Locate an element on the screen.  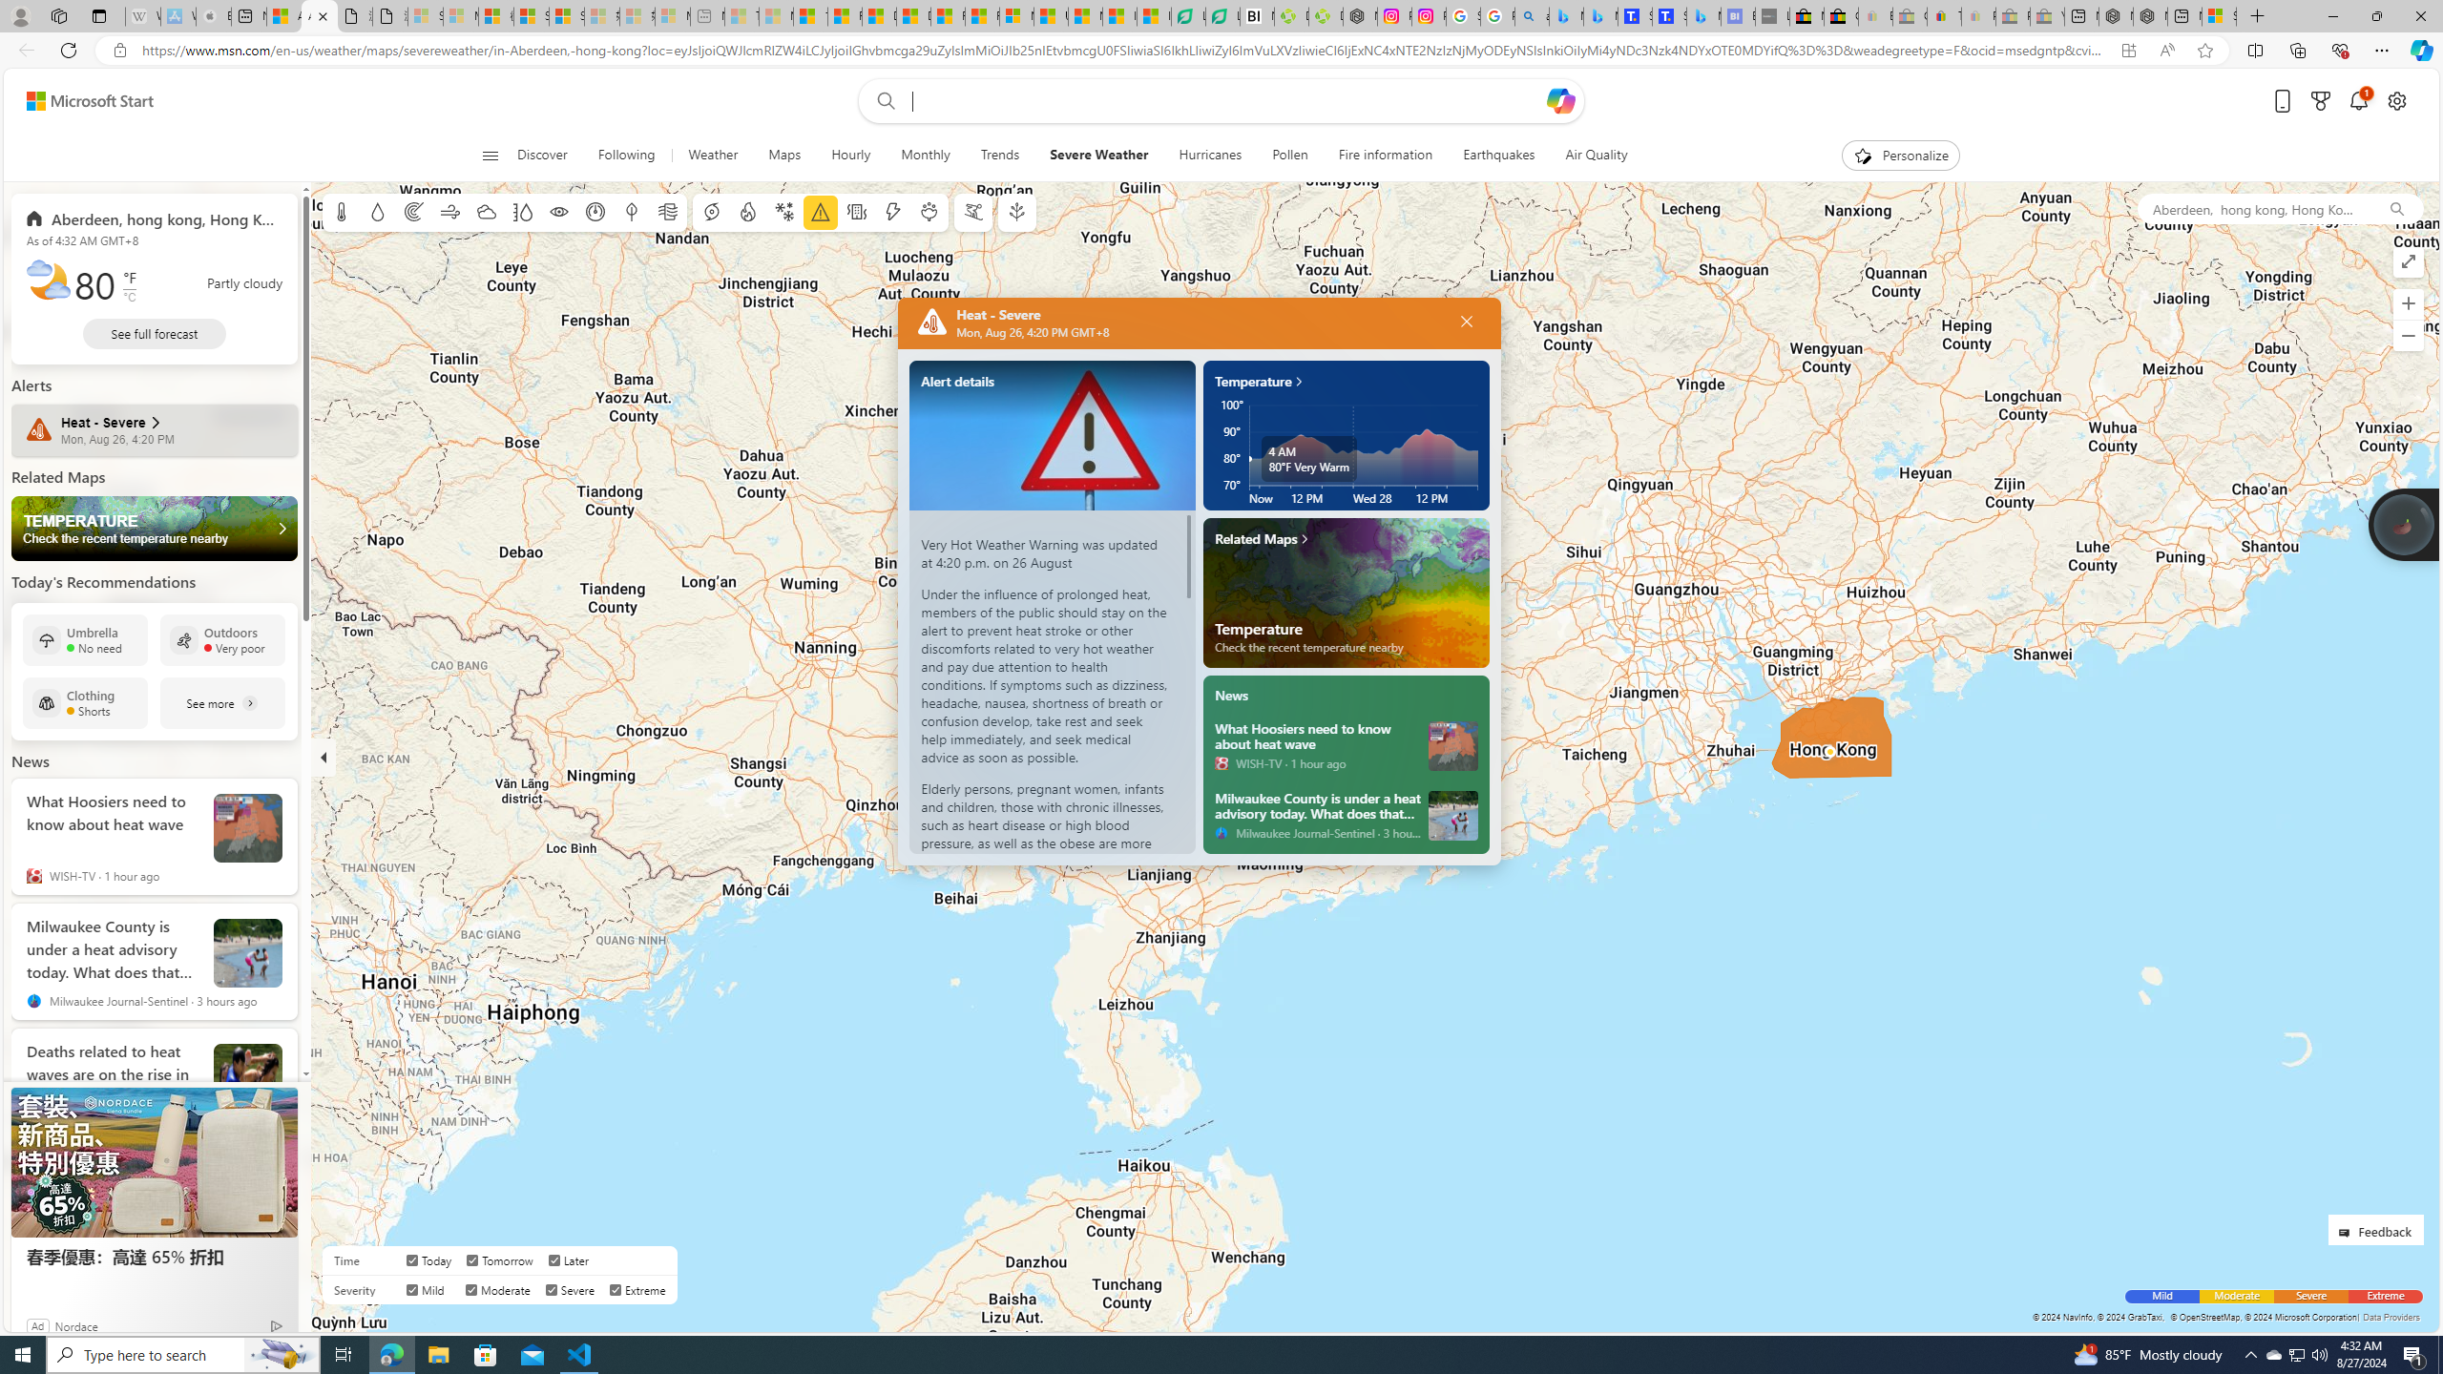
'WISH-TV' is located at coordinates (1221, 761).